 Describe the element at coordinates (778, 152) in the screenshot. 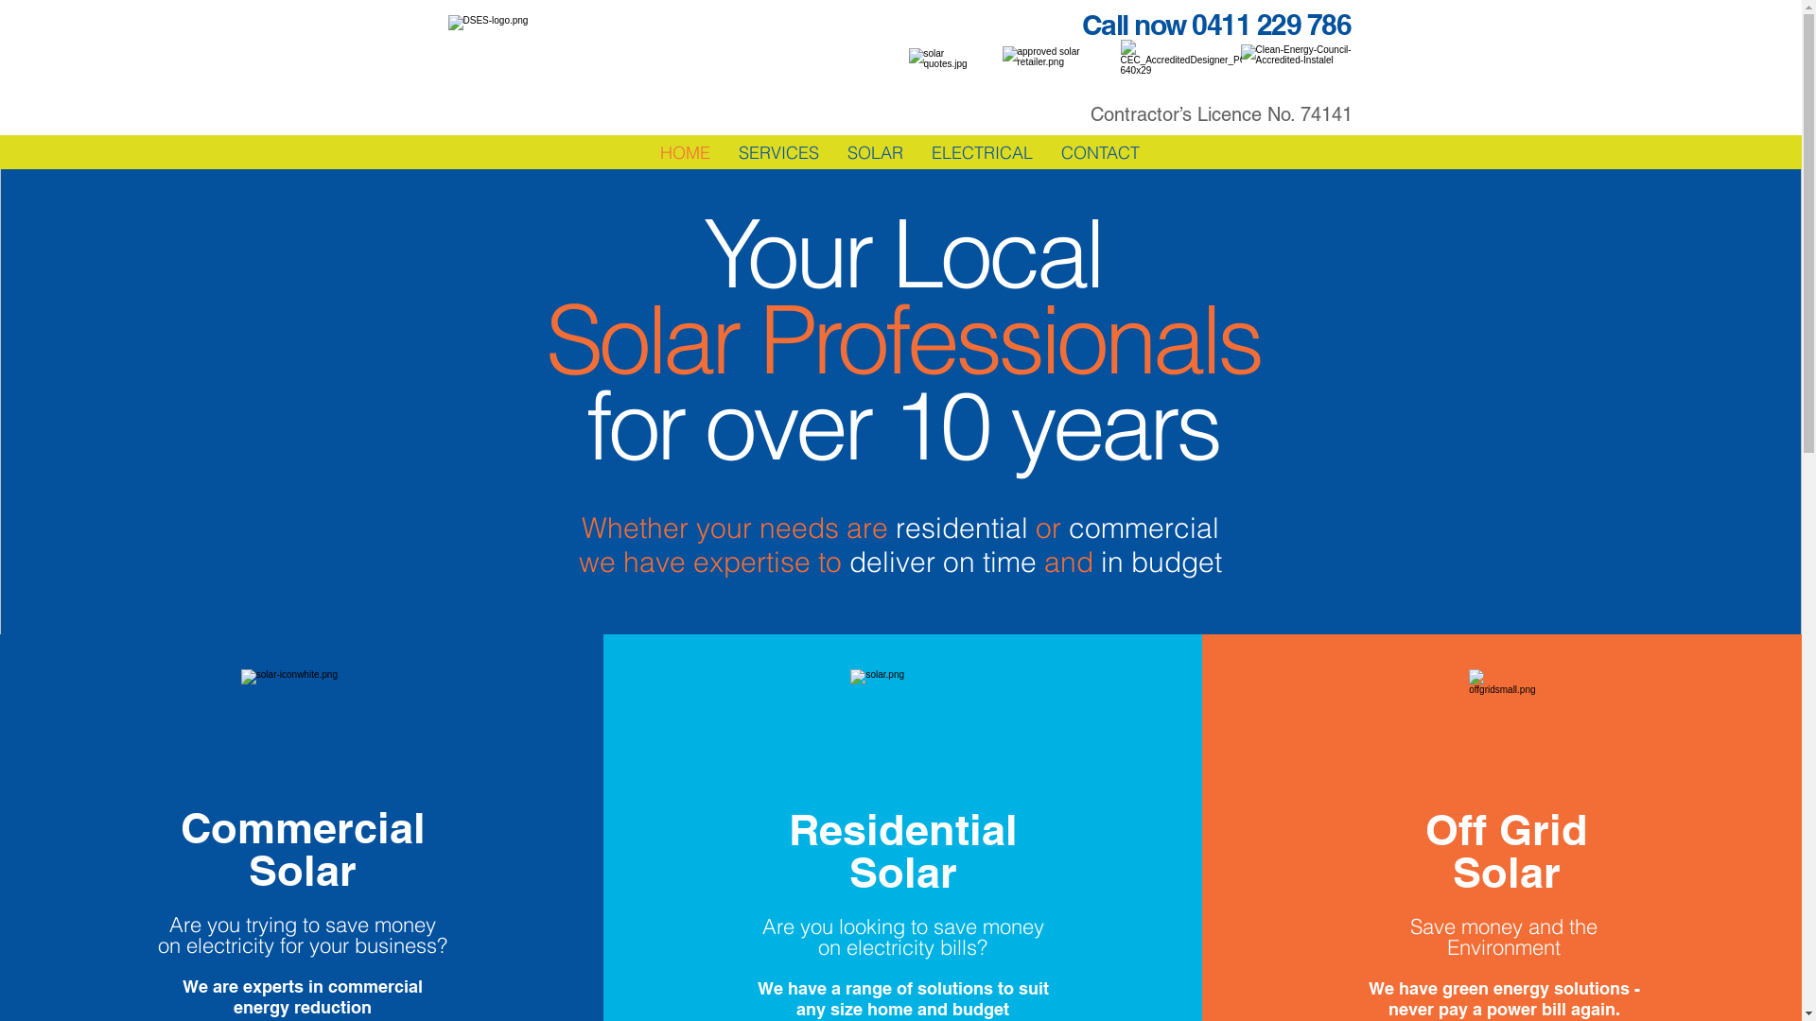

I see `'SERVICES'` at that location.